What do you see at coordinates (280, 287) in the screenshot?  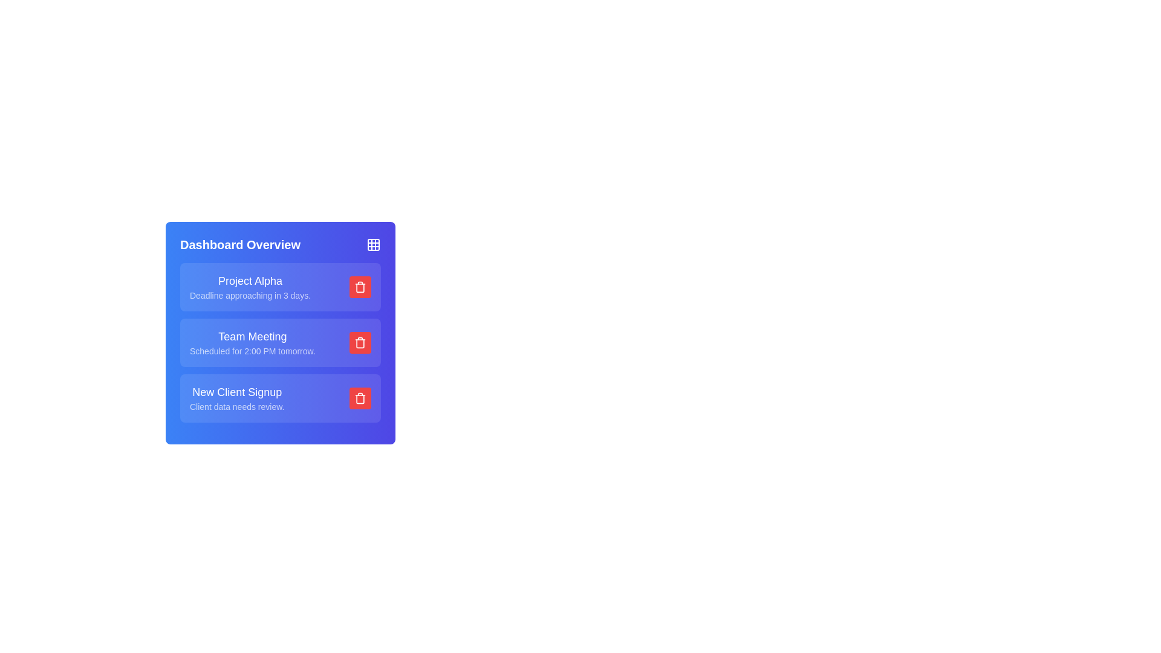 I see `the first card in the Dashboard Overview section` at bounding box center [280, 287].